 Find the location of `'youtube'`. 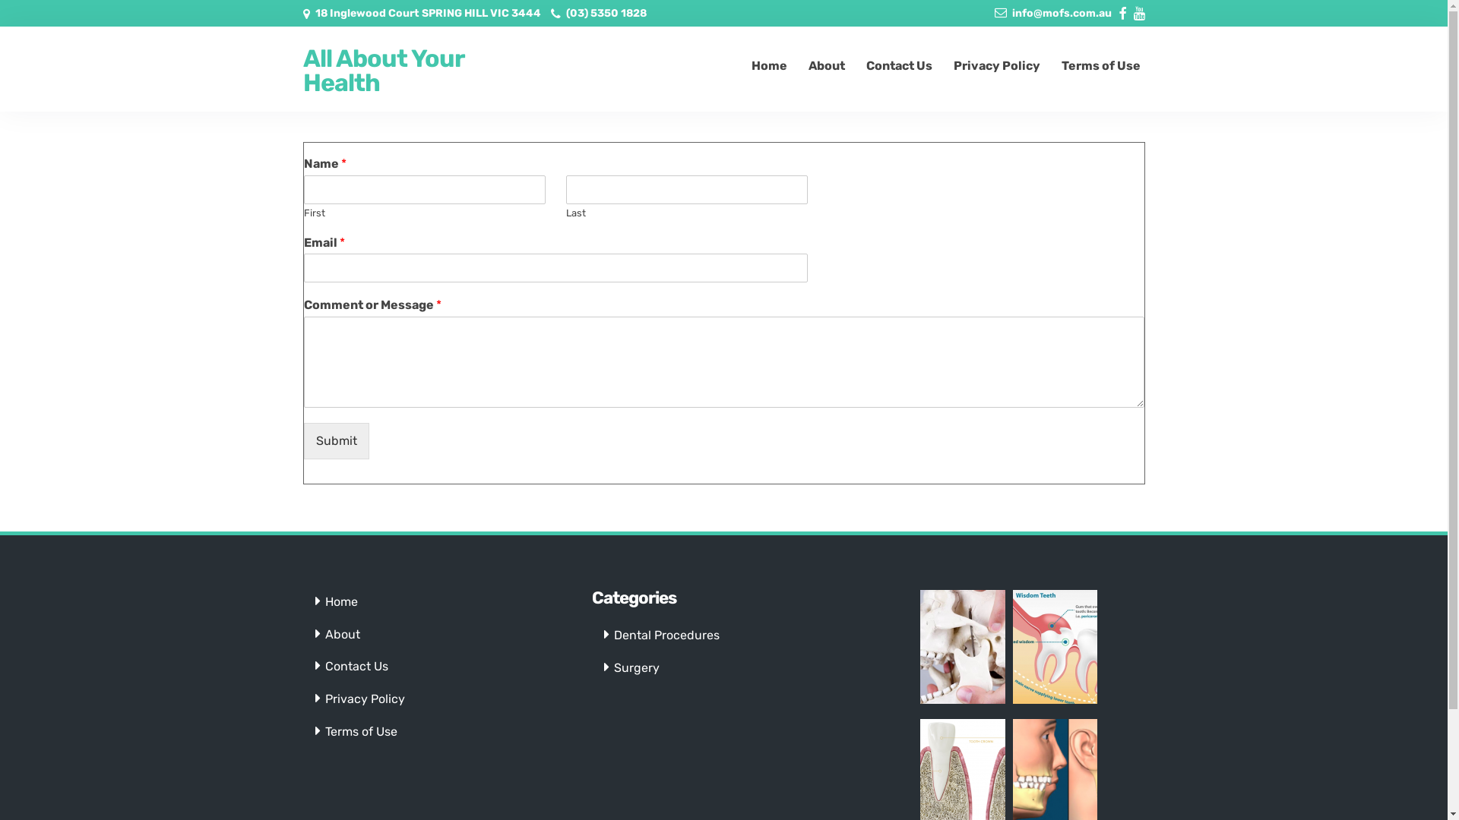

'youtube' is located at coordinates (1139, 10).